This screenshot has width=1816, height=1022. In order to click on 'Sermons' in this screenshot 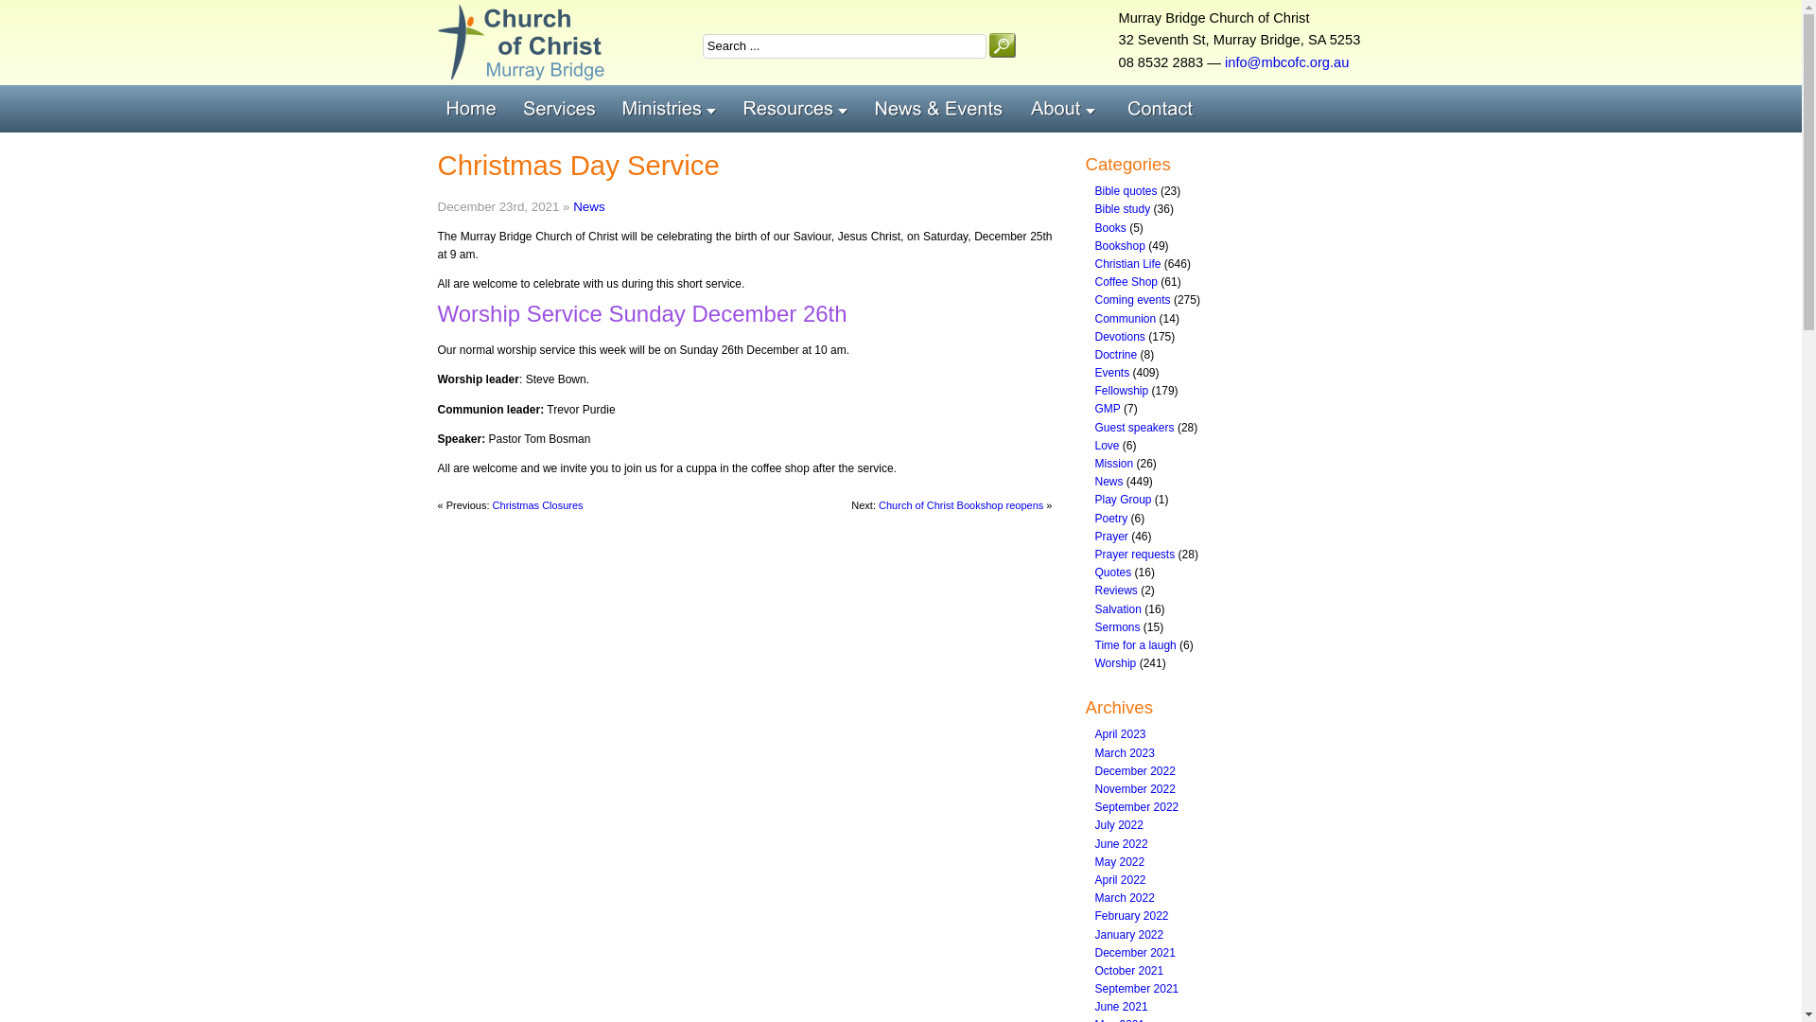, I will do `click(1094, 627)`.